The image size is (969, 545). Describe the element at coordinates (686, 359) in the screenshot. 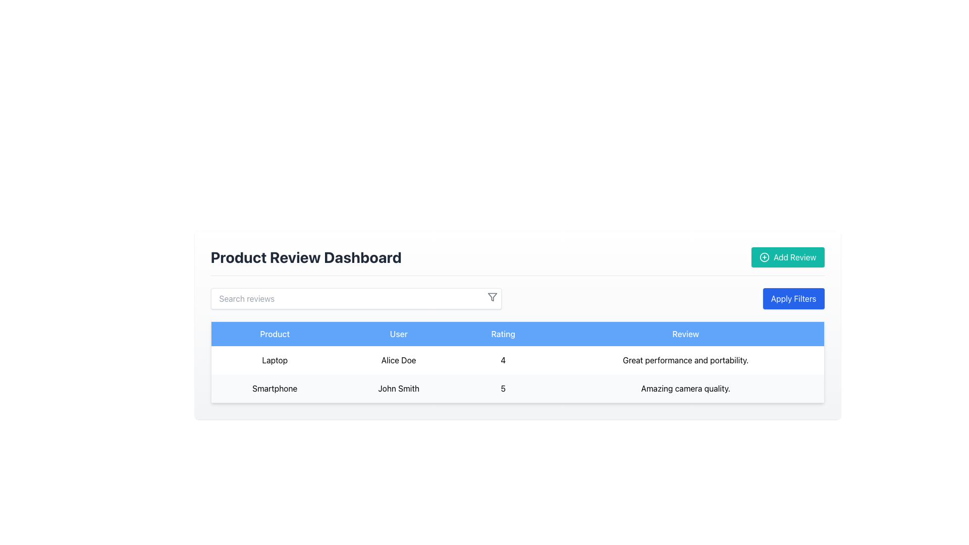

I see `the text element that says 'Great performance and portability.' located in the fourth column of the first row of a table, which is center-aligned within its grid cell` at that location.